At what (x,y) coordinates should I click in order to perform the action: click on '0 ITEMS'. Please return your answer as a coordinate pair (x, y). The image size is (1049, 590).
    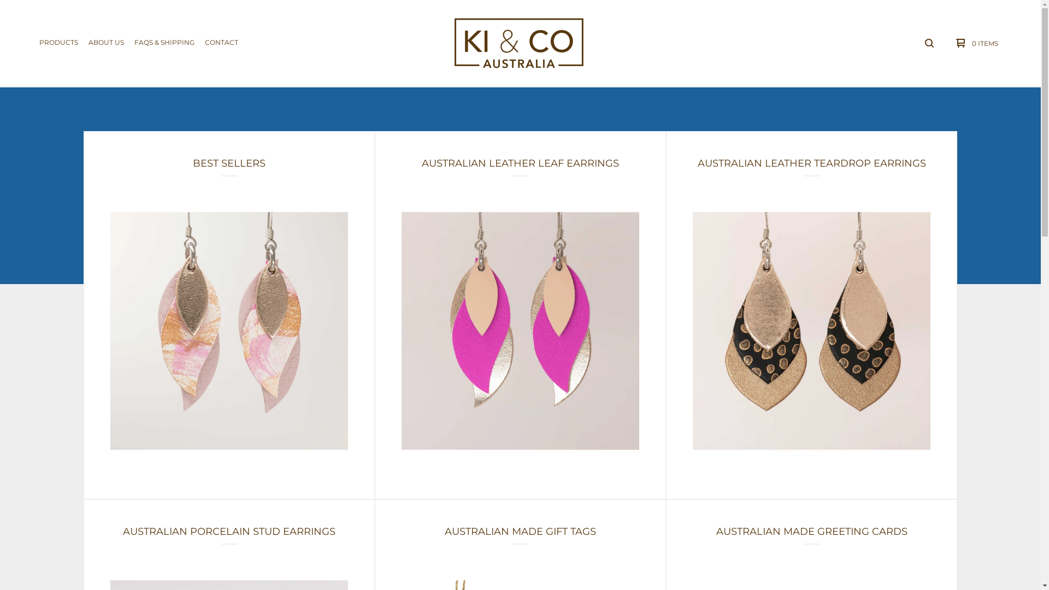
    Looking at the image, I should click on (974, 42).